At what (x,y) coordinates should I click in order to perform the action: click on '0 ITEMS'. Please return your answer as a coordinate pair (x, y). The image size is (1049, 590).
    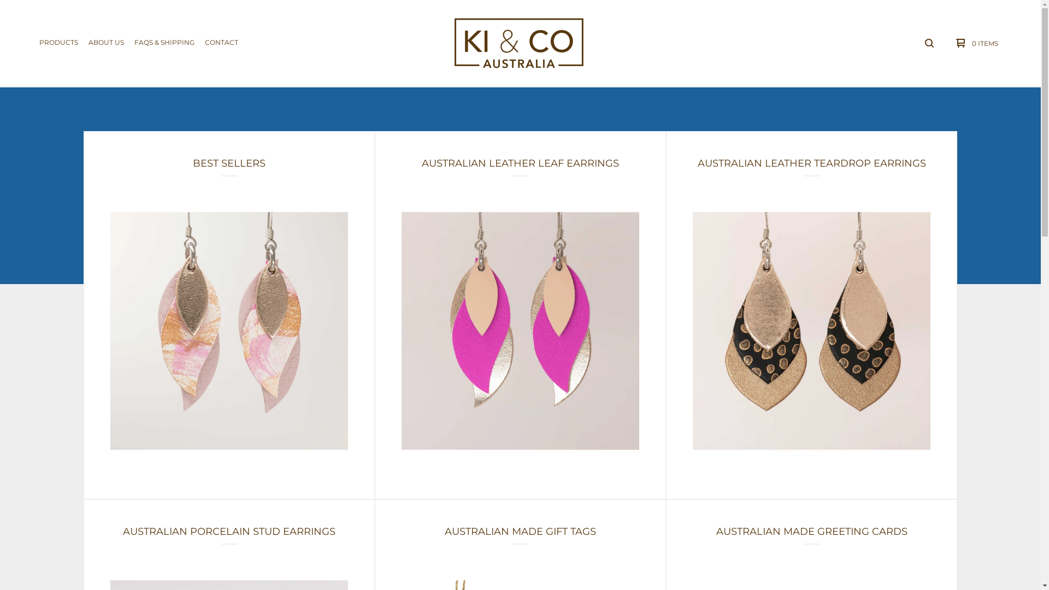
    Looking at the image, I should click on (974, 42).